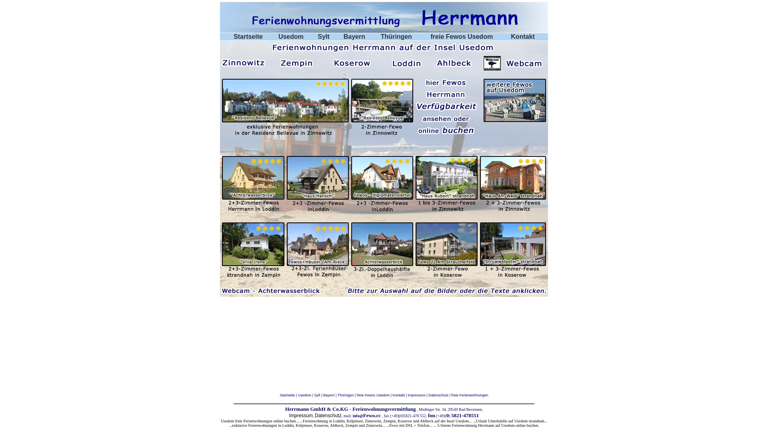 The height and width of the screenshot is (432, 768). Describe the element at coordinates (289, 415) in the screenshot. I see `'Impressum'` at that location.